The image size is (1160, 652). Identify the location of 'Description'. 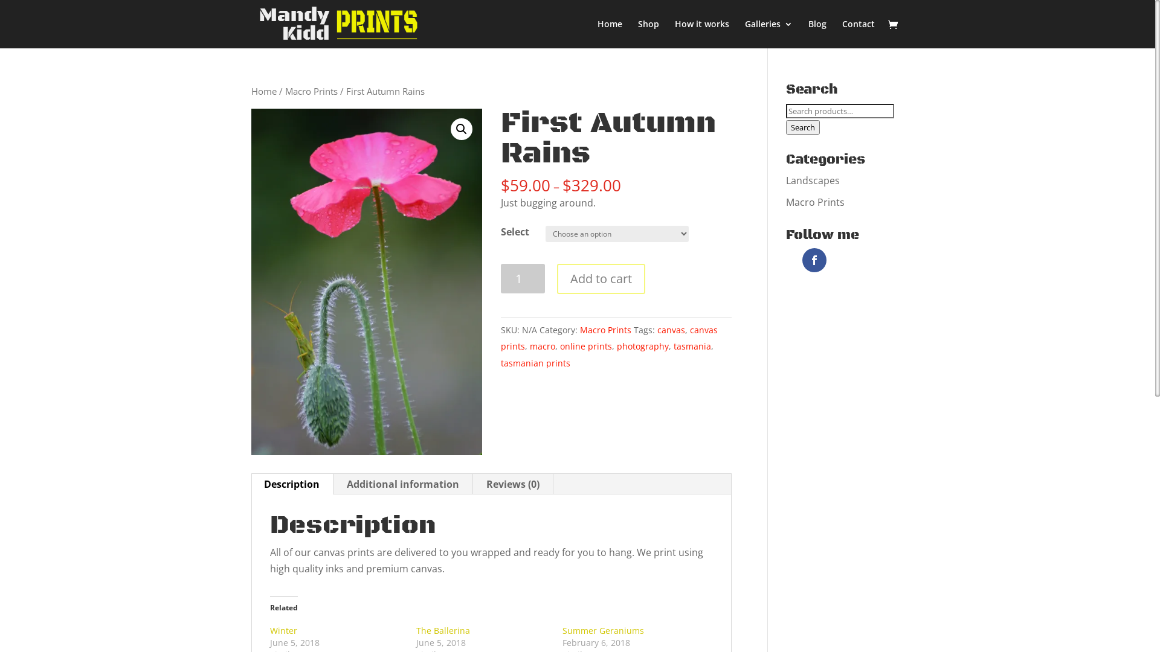
(292, 484).